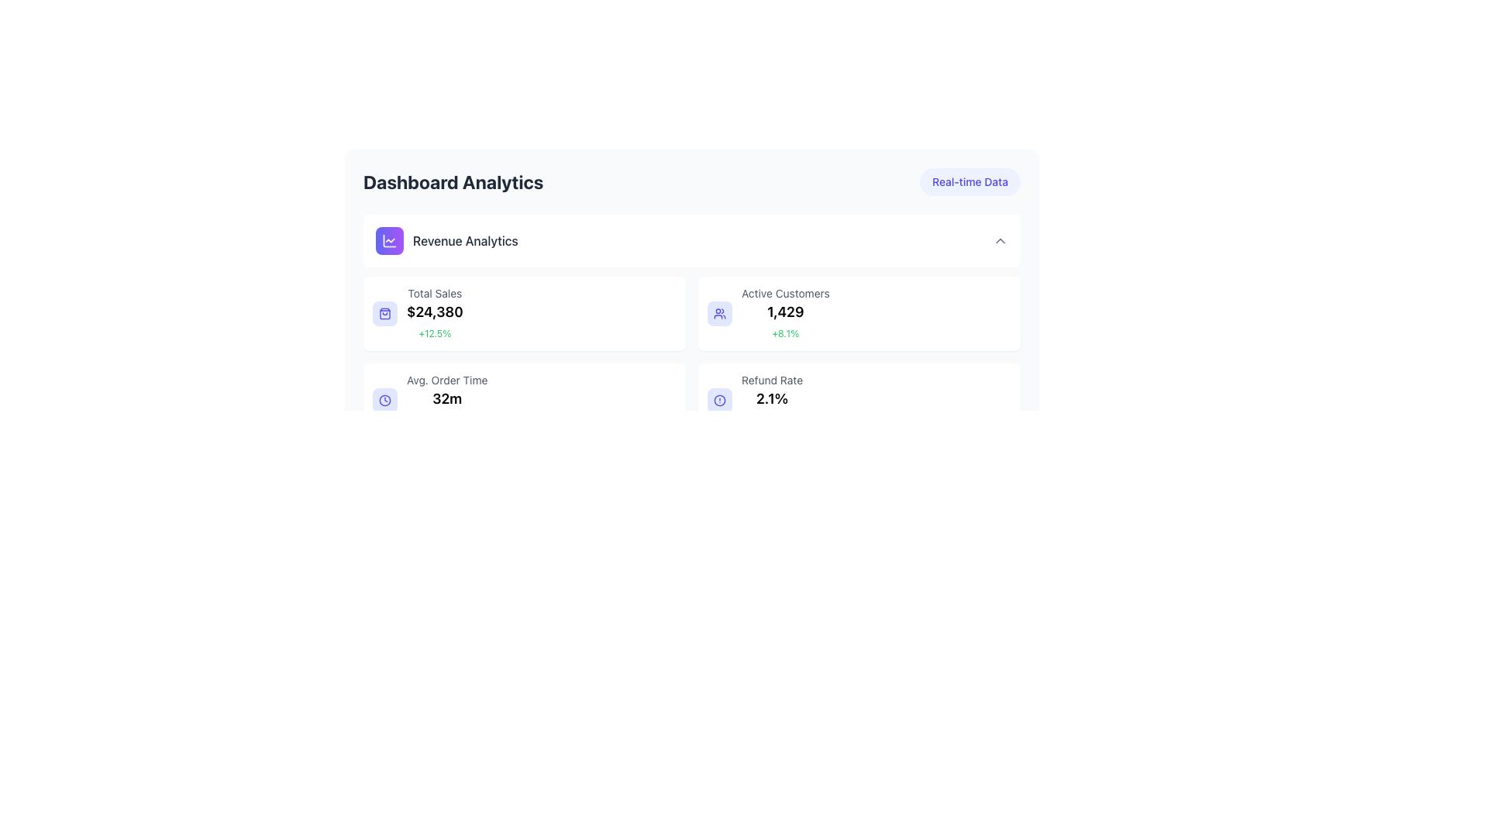  What do you see at coordinates (453, 181) in the screenshot?
I see `the bold, gray text label styled as 'Dashboard Analytics', which is the prominent title at the top of the interface` at bounding box center [453, 181].